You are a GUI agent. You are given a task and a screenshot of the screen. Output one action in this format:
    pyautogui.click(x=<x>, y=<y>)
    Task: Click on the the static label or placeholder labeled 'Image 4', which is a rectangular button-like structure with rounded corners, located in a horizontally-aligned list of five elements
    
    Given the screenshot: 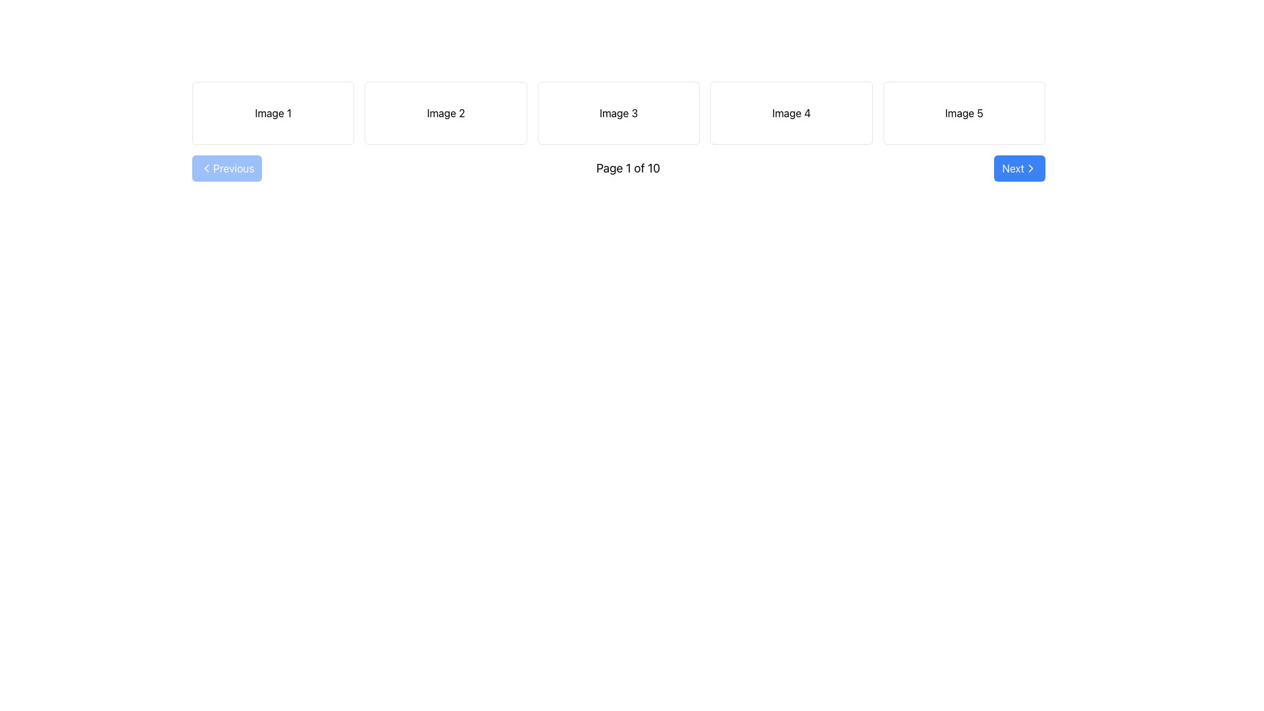 What is the action you would take?
    pyautogui.click(x=791, y=113)
    